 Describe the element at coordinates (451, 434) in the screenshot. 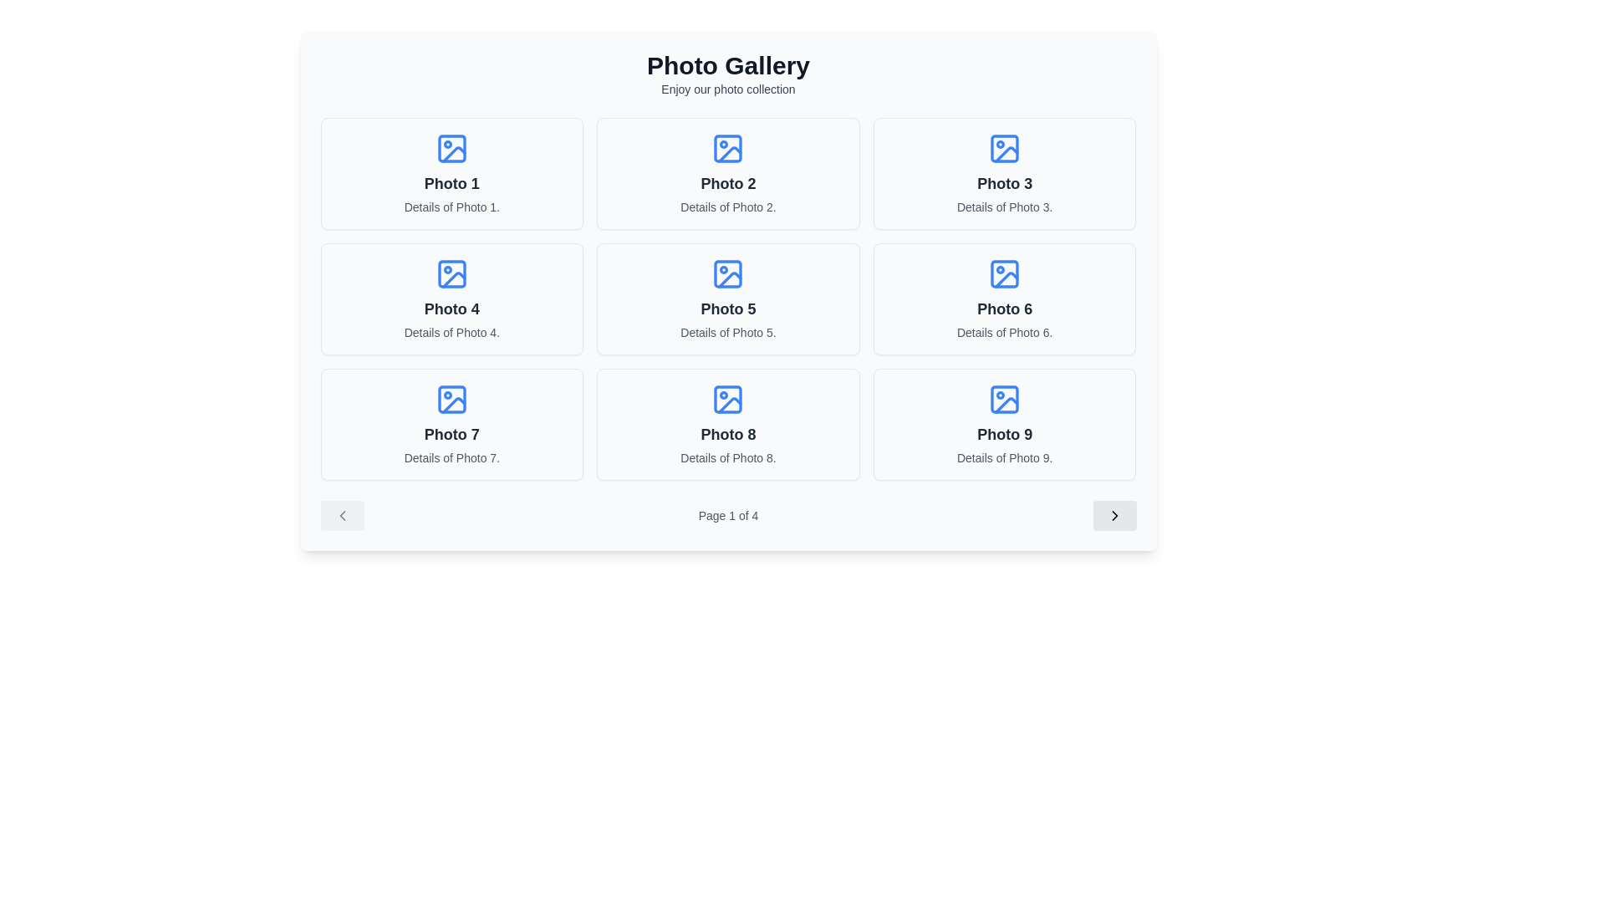

I see `the text label indicating 'Photo 7', which is the title of the card located in the bottom row of the grid layout, beneath the blue icon` at that location.